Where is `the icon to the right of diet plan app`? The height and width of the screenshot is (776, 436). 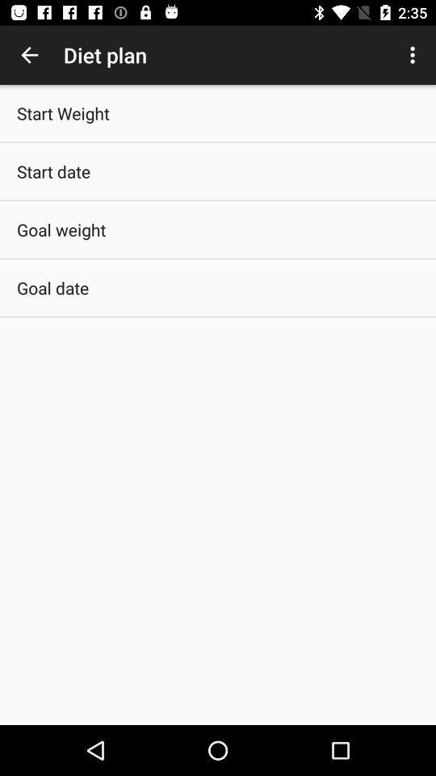 the icon to the right of diet plan app is located at coordinates (414, 55).